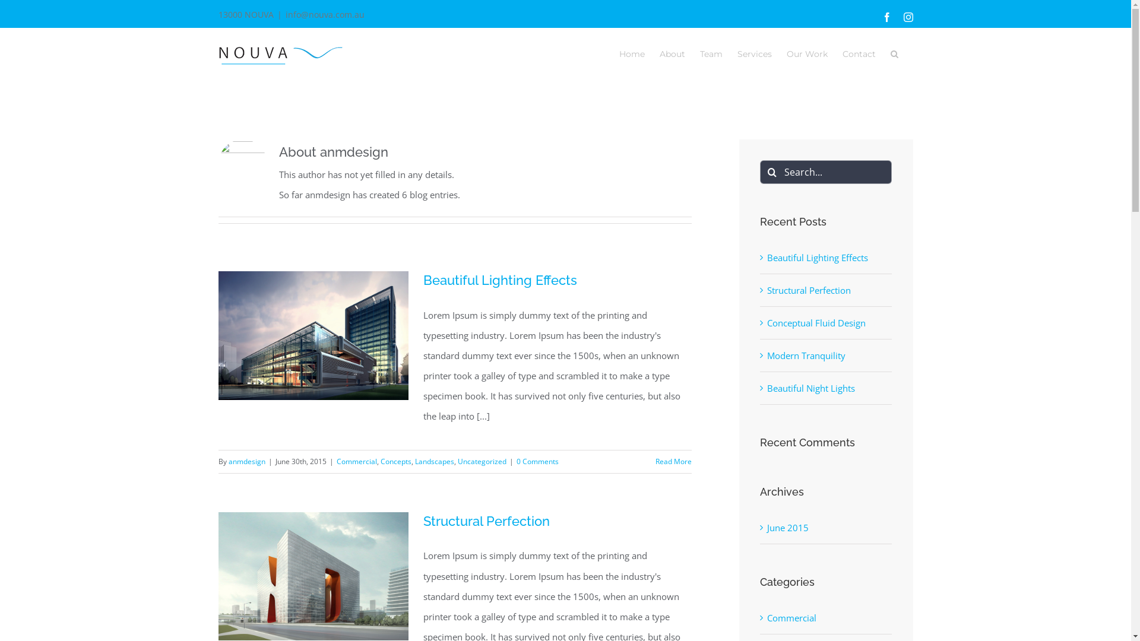 This screenshot has width=1140, height=641. I want to click on 'anmdesign', so click(245, 461).